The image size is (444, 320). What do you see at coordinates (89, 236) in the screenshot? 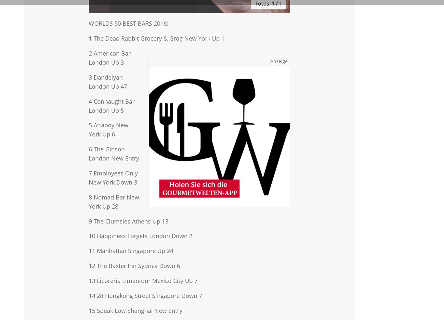
I see `'10	Happiness Forgets	London	Down 2'` at bounding box center [89, 236].